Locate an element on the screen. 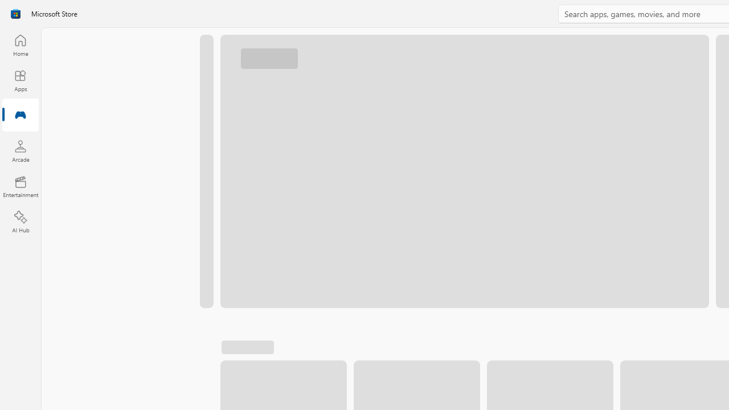  'AutomationID: Image' is located at coordinates (464, 171).